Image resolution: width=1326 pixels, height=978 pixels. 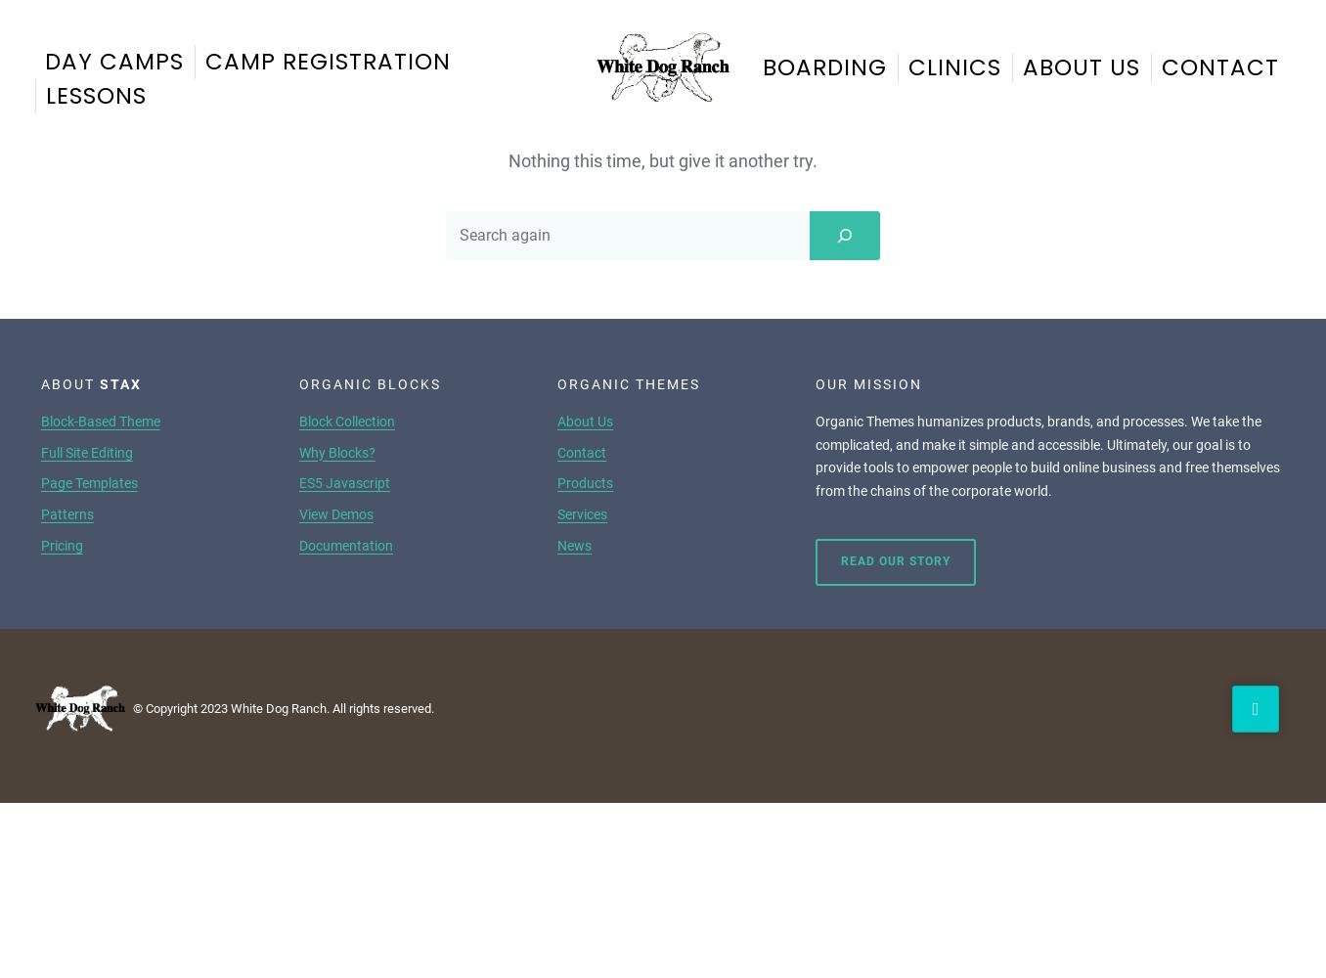 I want to click on 'Full Site Editing', so click(x=86, y=451).